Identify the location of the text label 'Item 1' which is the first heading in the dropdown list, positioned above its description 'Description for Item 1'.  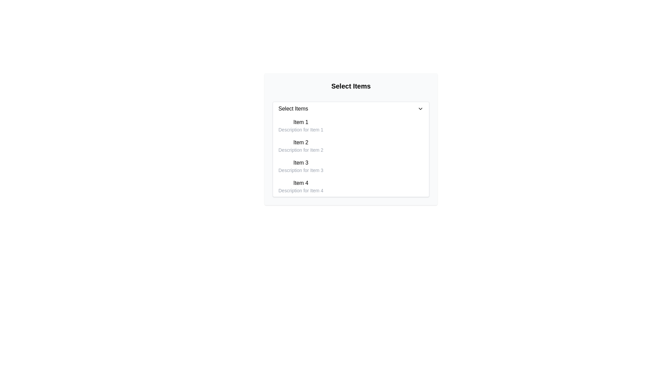
(300, 122).